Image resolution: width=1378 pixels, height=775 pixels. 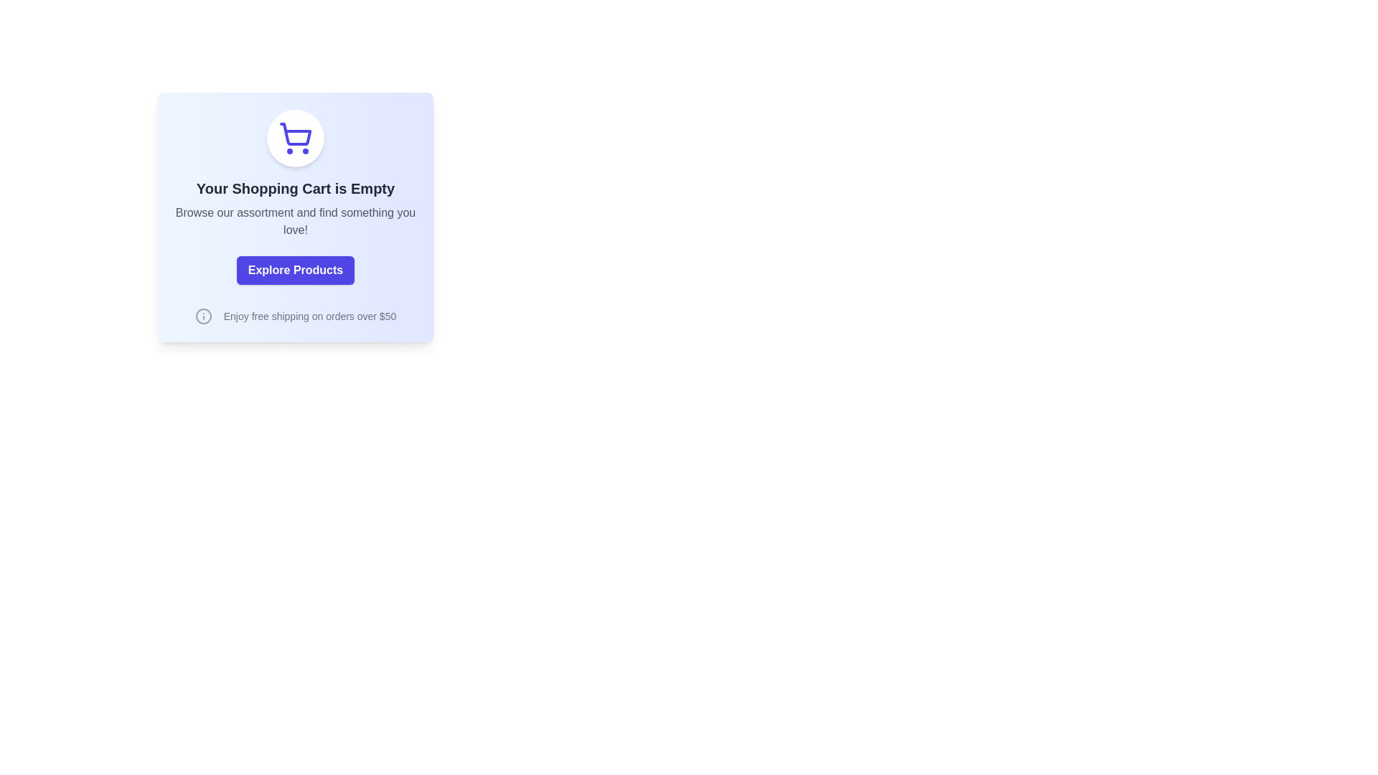 What do you see at coordinates (202, 315) in the screenshot?
I see `the informational icon located to the left of the text 'Enjoy free shipping on orders over $50' in the smaller section below the main card content` at bounding box center [202, 315].